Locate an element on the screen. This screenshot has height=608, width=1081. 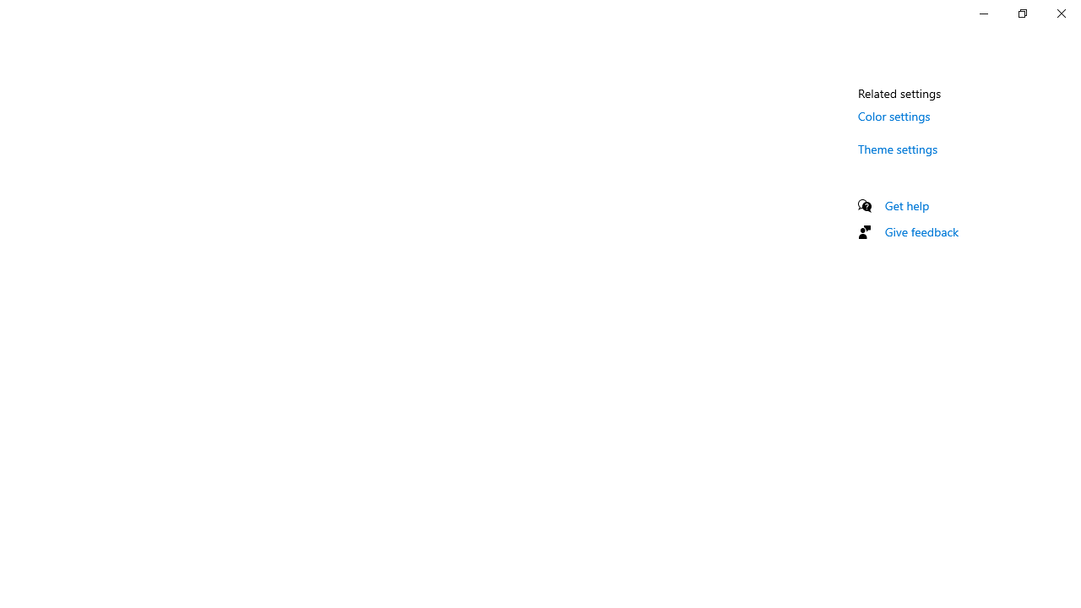
'Color settings' is located at coordinates (894, 115).